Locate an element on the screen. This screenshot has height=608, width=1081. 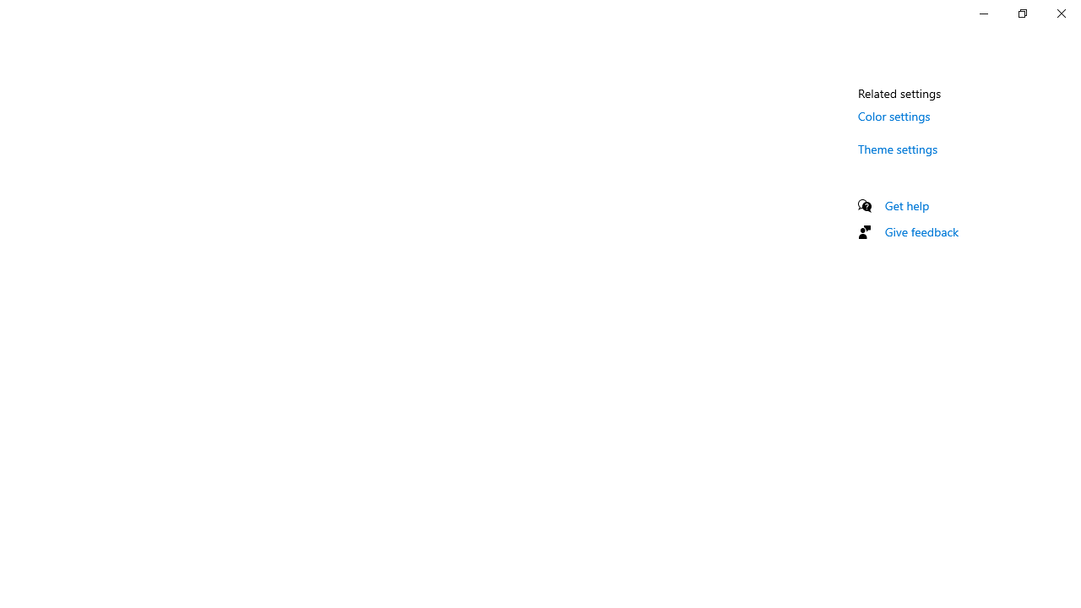
'Color settings' is located at coordinates (894, 115).